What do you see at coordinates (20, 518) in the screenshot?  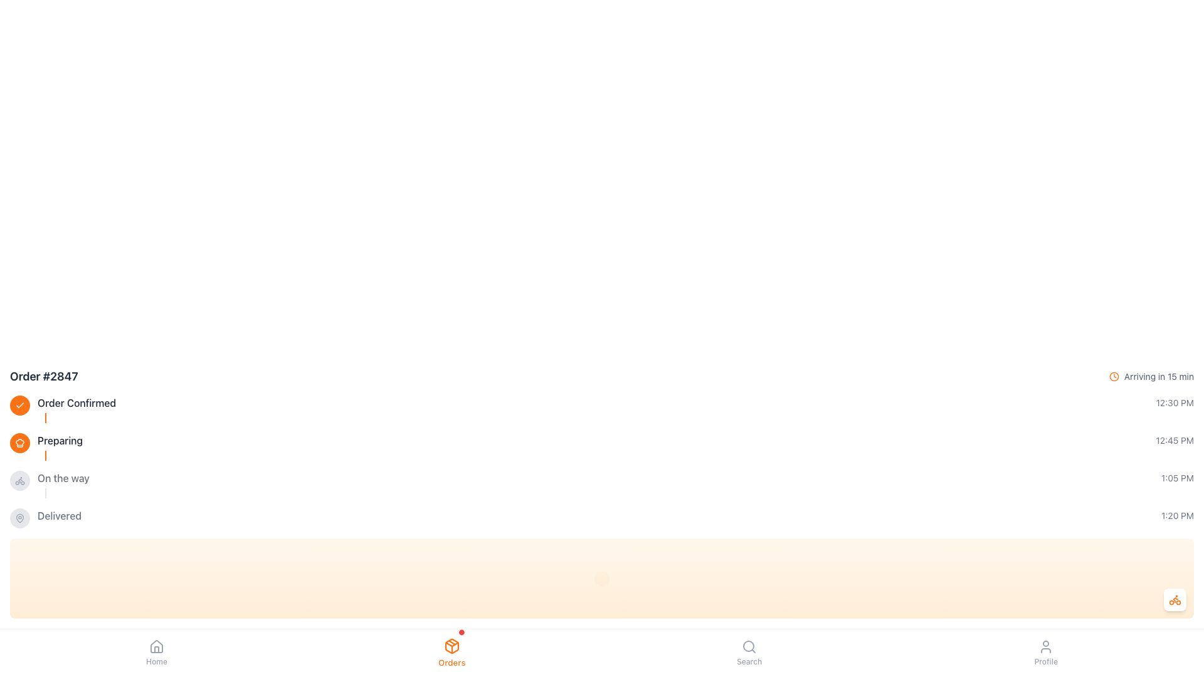 I see `the gray vector icon resembling a map pin located in the 'Orders' section near the bottom navigation bar` at bounding box center [20, 518].